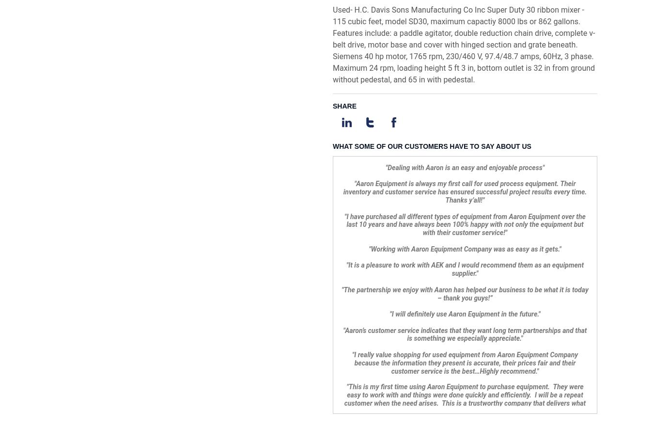 The height and width of the screenshot is (427, 654). Describe the element at coordinates (169, 332) in the screenshot. I see `'EQUIPMENT LINKS'` at that location.